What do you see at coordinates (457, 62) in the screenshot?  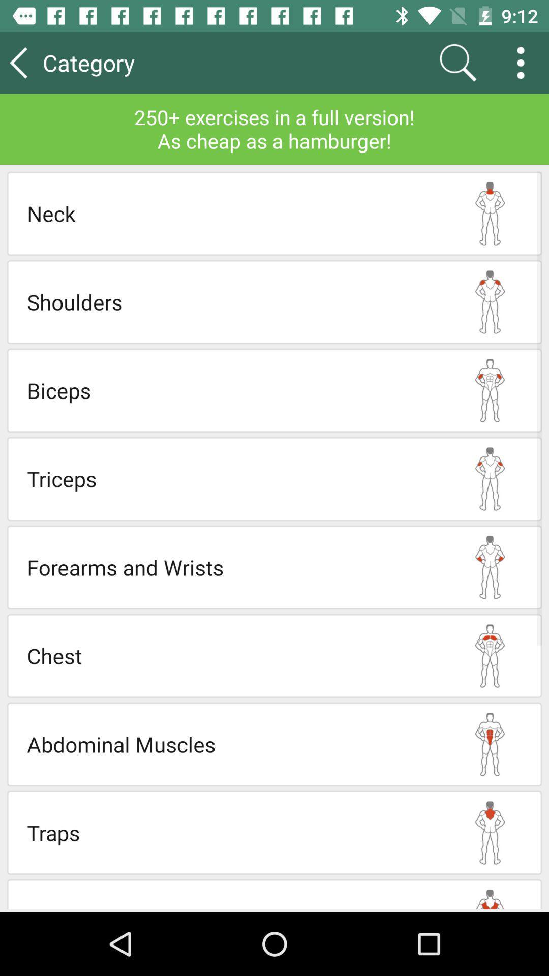 I see `app next to the category` at bounding box center [457, 62].